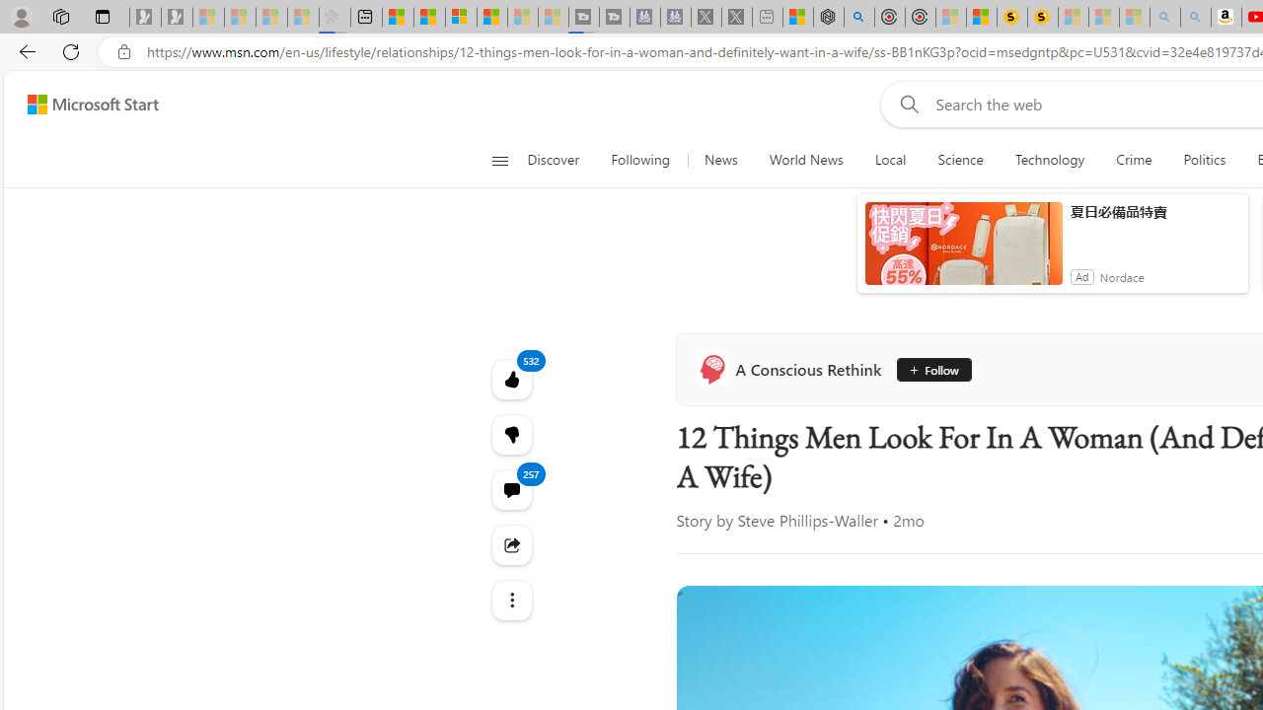 The width and height of the screenshot is (1263, 710). I want to click on 'Web search', so click(904, 104).